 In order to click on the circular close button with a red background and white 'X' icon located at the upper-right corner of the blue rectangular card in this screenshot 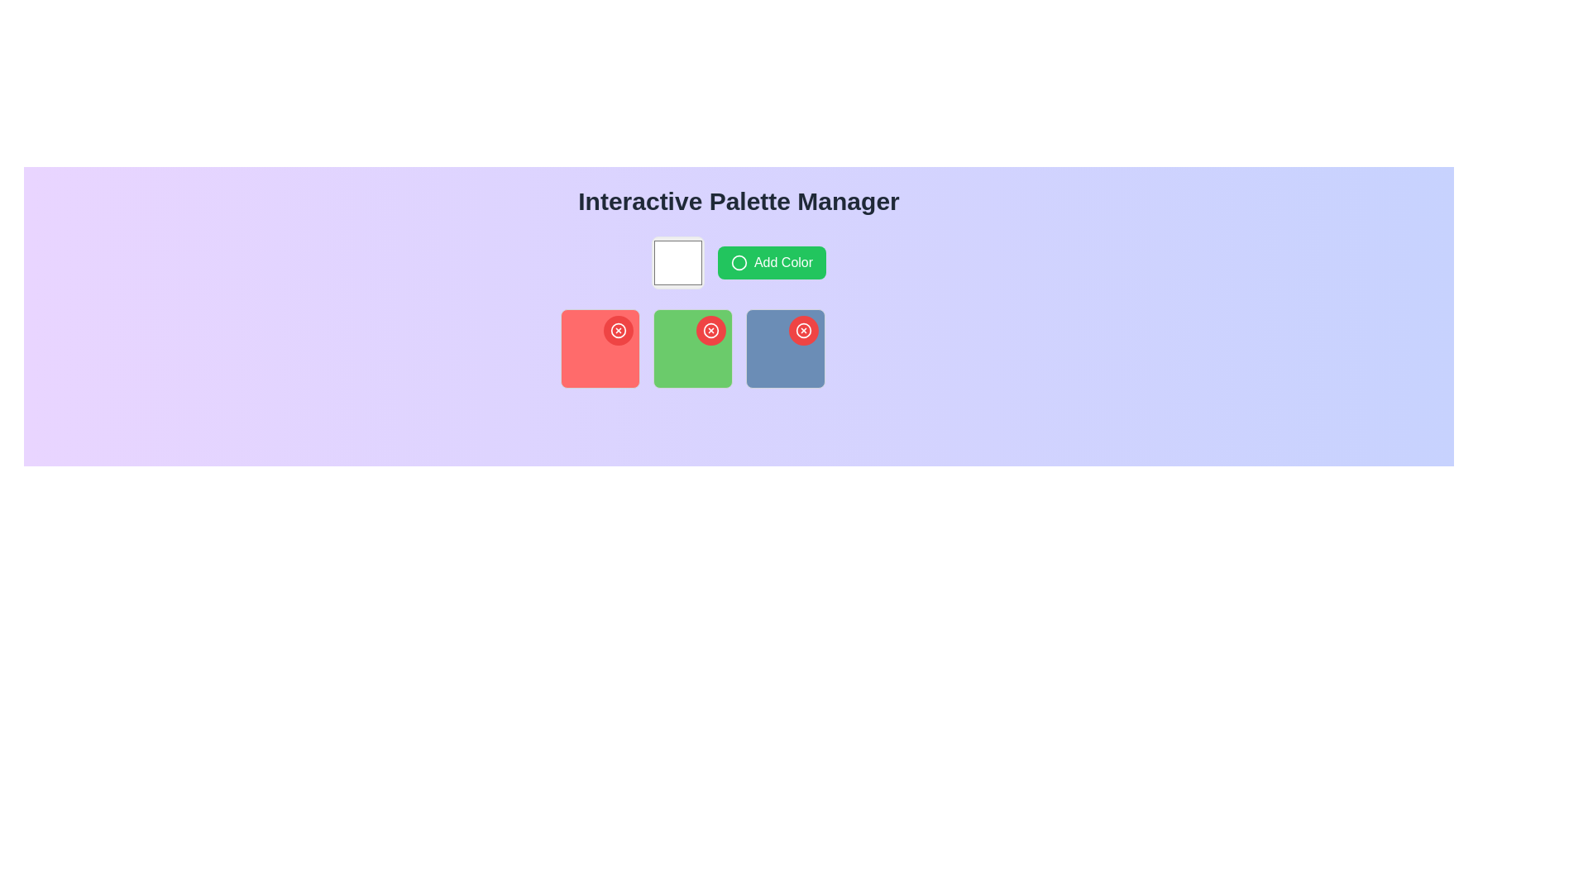, I will do `click(803, 331)`.